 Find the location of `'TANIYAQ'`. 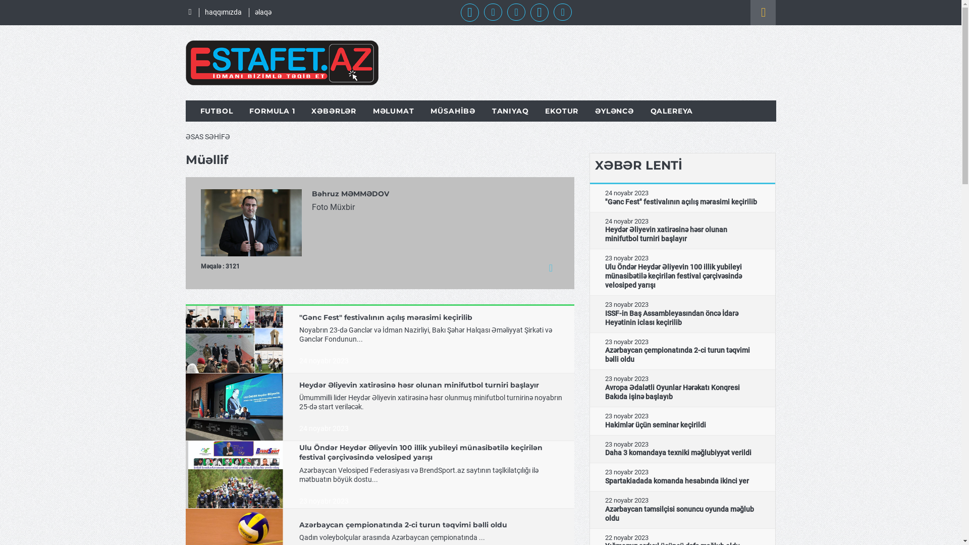

'TANIYAQ' is located at coordinates (510, 111).